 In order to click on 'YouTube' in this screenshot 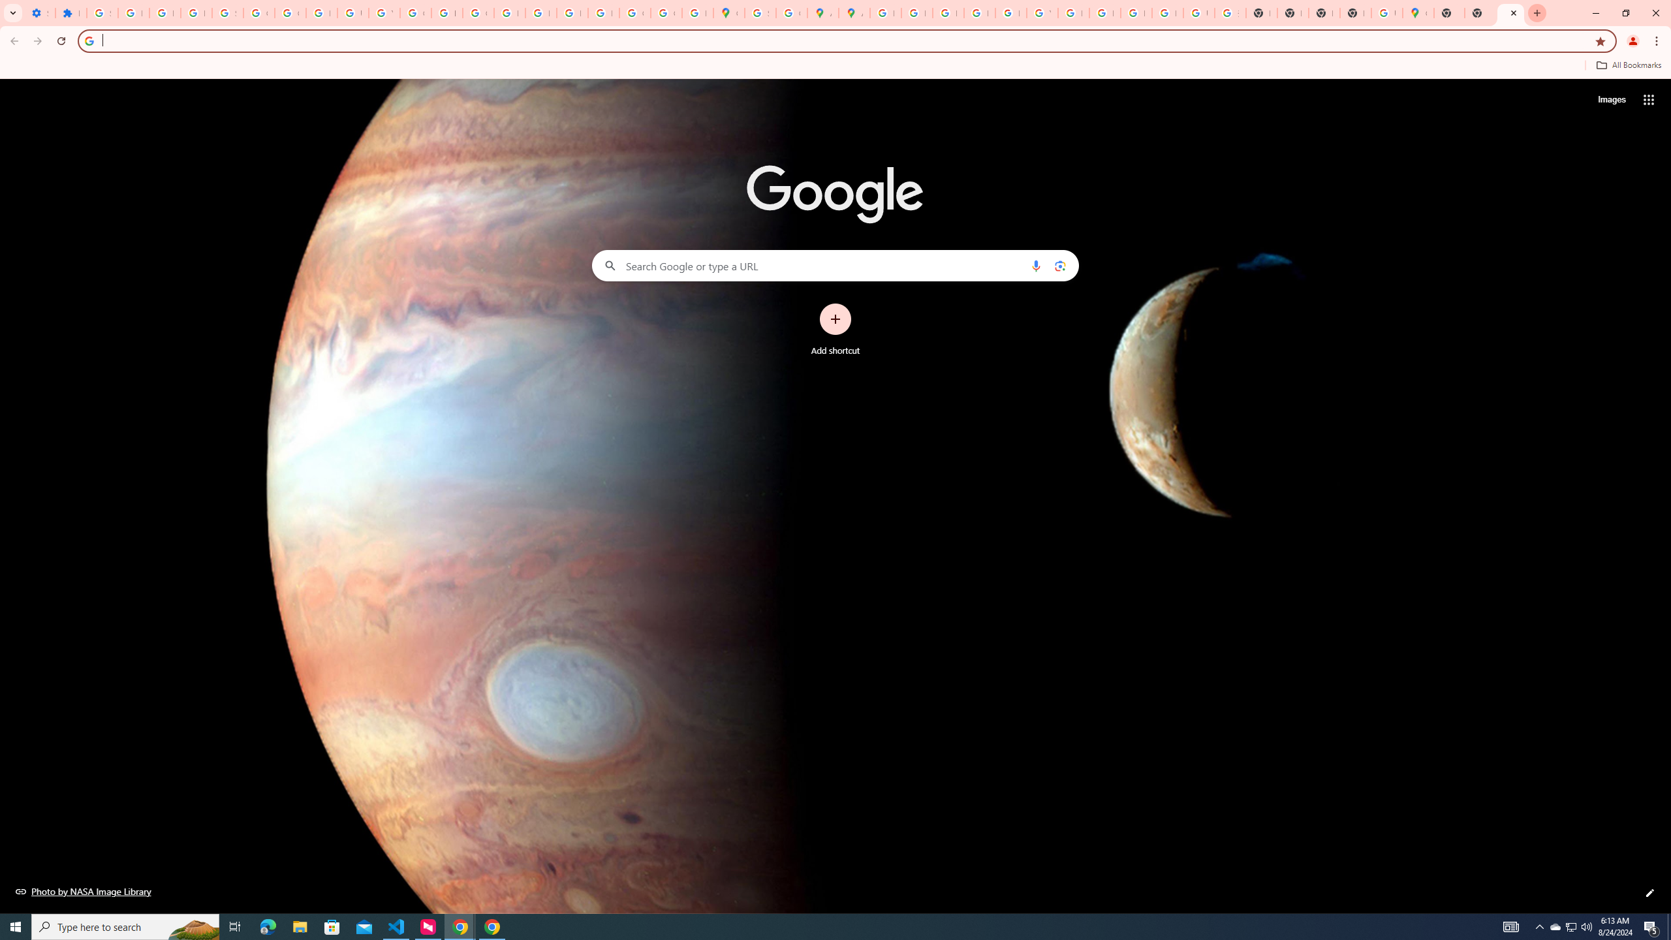, I will do `click(1042, 12)`.